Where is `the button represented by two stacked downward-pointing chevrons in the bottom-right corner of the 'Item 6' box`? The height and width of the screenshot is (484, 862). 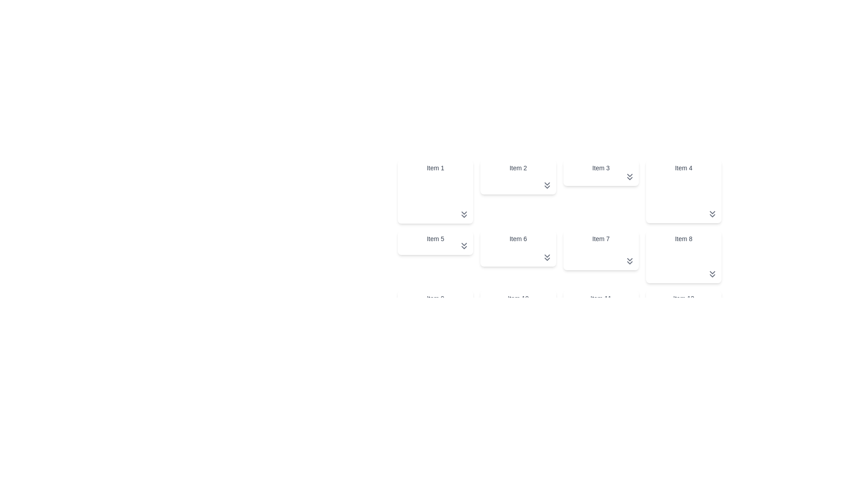 the button represented by two stacked downward-pointing chevrons in the bottom-right corner of the 'Item 6' box is located at coordinates (546, 258).